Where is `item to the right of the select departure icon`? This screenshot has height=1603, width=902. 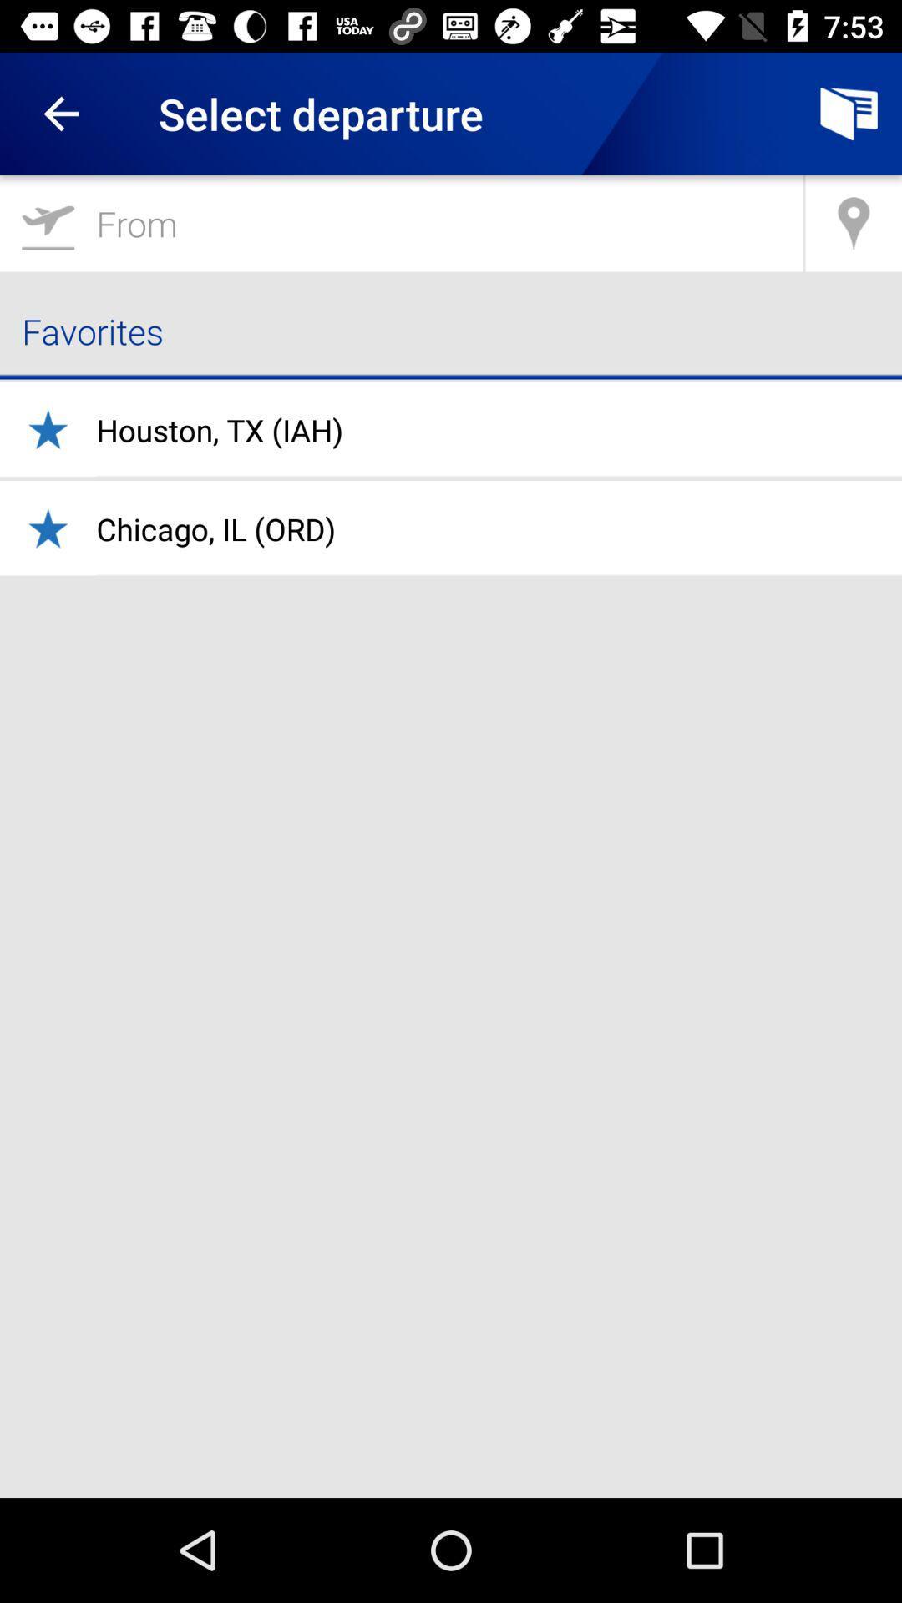
item to the right of the select departure icon is located at coordinates (849, 113).